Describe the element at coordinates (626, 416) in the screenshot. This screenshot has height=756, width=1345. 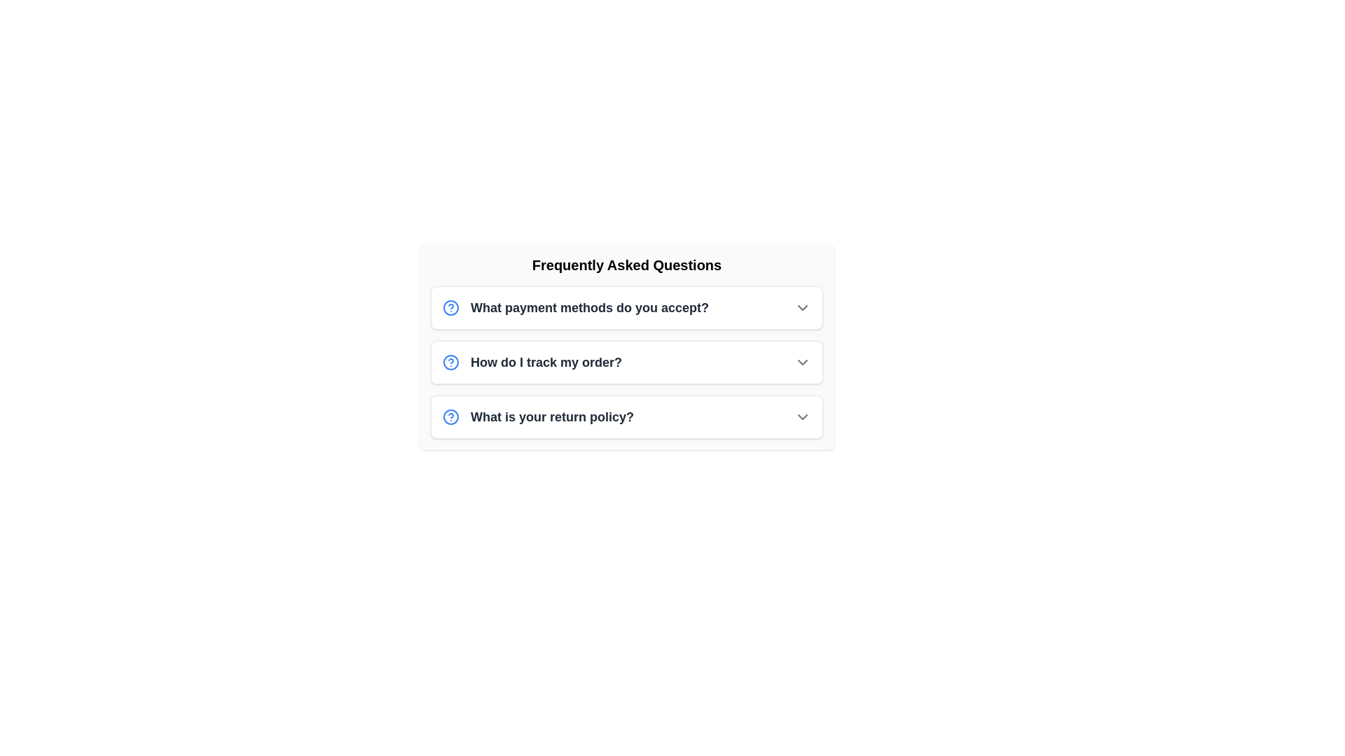
I see `the expandable list item that reads 'What is your return policy?' located in the Frequently Asked Questions section` at that location.